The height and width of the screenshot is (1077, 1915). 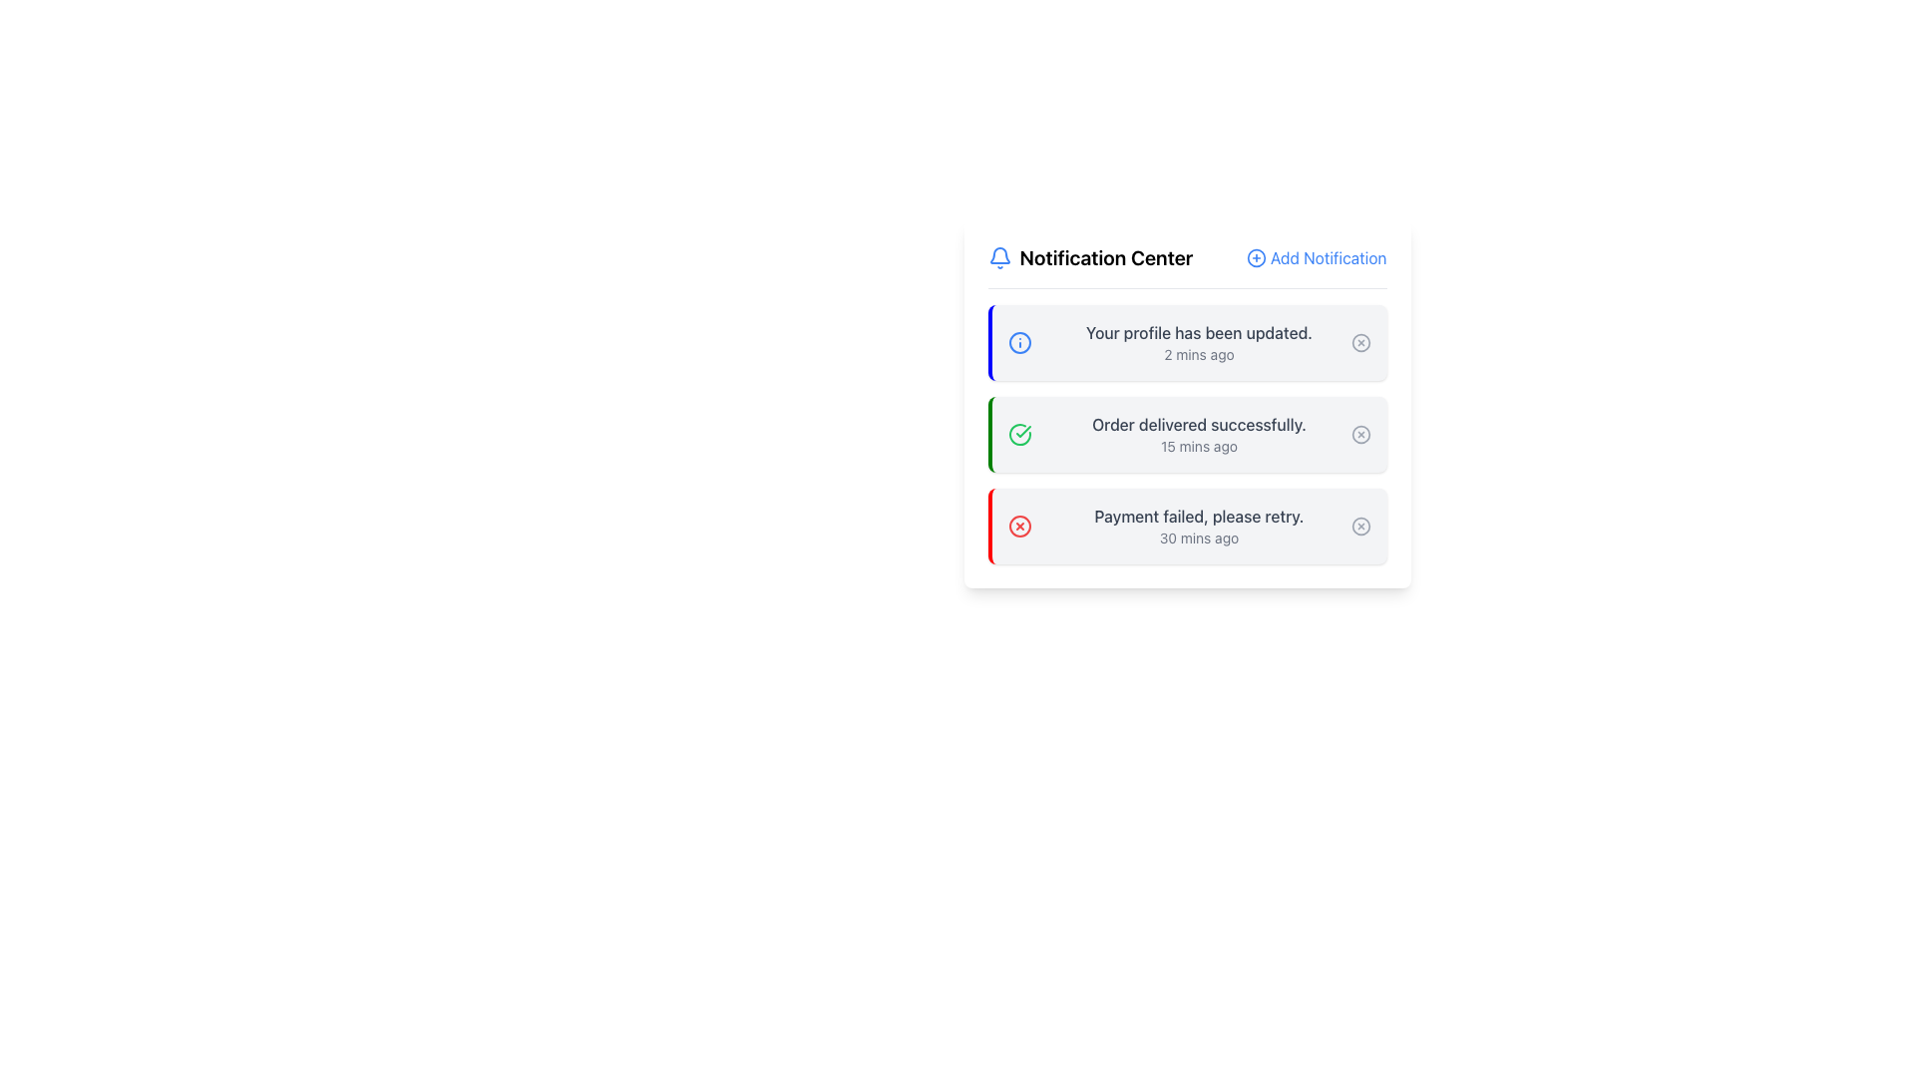 What do you see at coordinates (1198, 526) in the screenshot?
I see `textual notification message indicating a failed transaction, located in the last notification card under 'Notification Center', below 'Order delivered successfully.'` at bounding box center [1198, 526].